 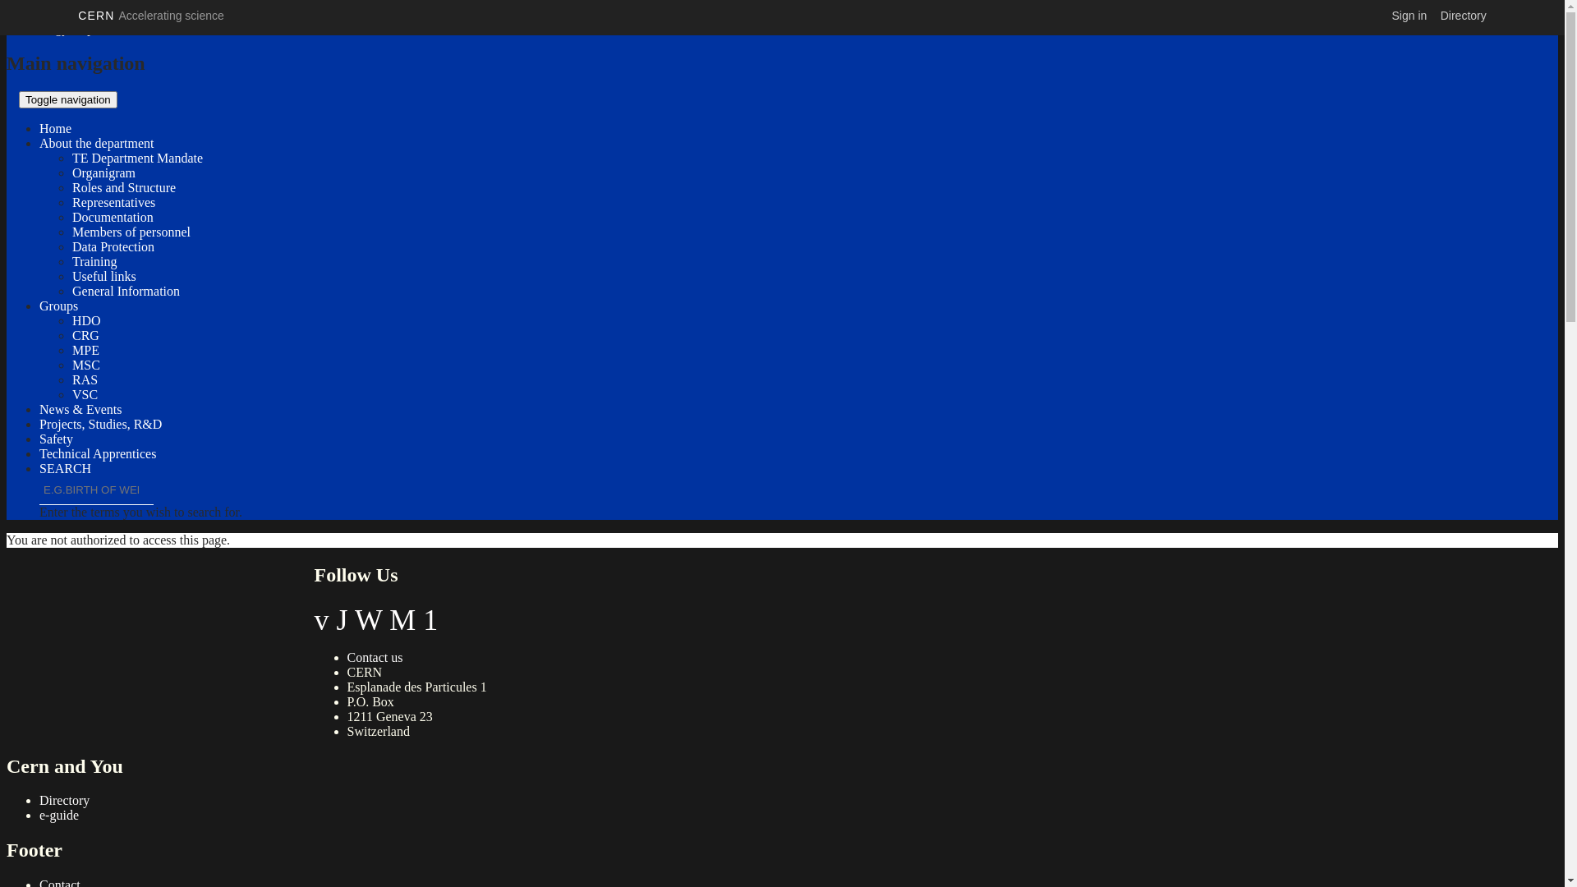 What do you see at coordinates (39, 453) in the screenshot?
I see `'Technical Apprentices'` at bounding box center [39, 453].